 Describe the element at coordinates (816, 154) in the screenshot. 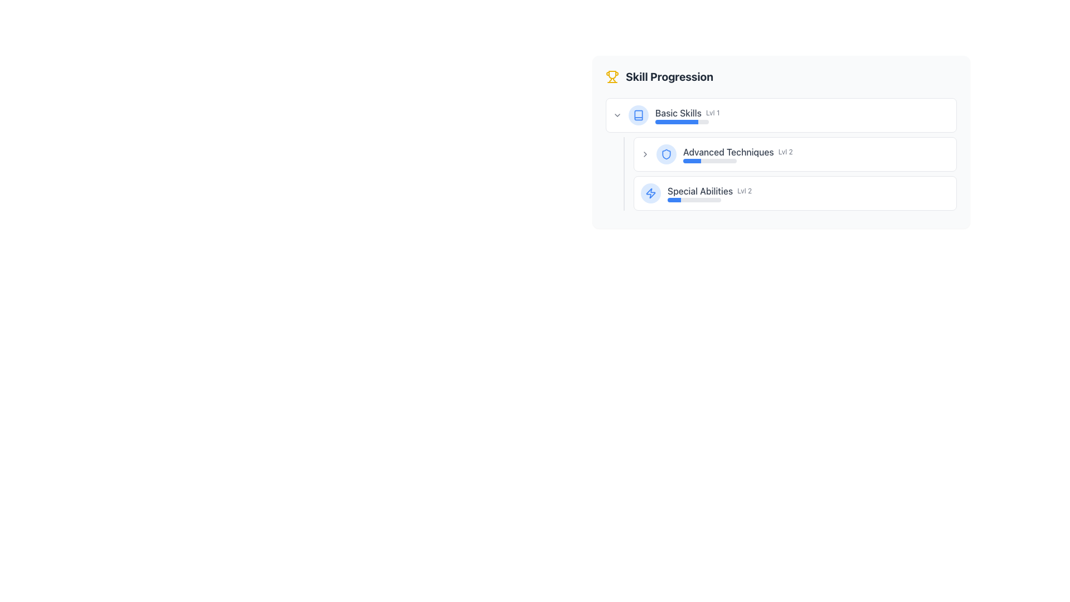

I see `the skill progression element labeled 'Advanced Techniques' at level 'Lvl 2'` at that location.